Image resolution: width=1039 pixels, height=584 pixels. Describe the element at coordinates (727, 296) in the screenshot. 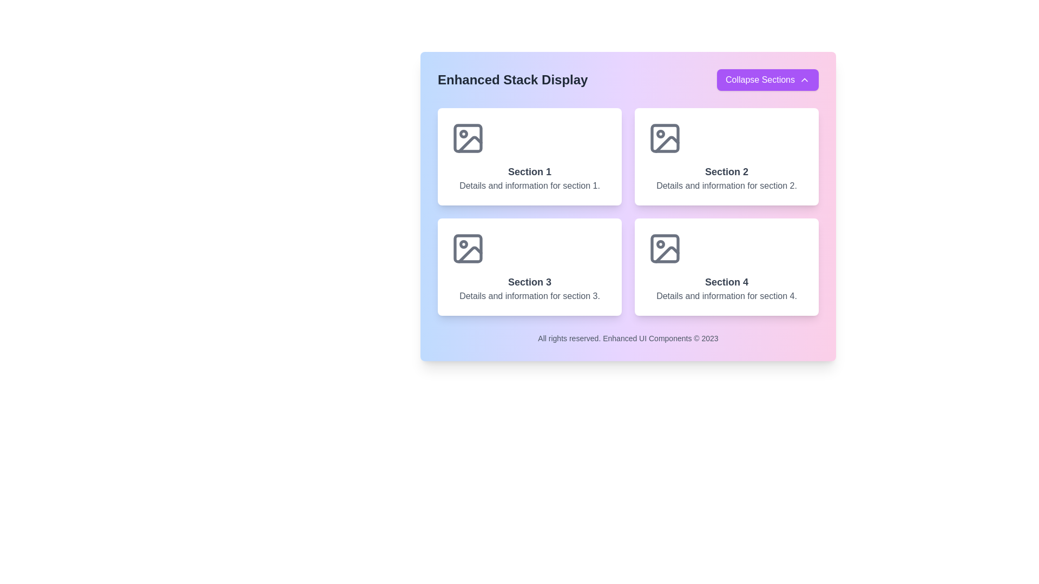

I see `text label displaying 'Details and information for section 4.' located below the 'Section 4' title in the bottom-right corner of the section card` at that location.